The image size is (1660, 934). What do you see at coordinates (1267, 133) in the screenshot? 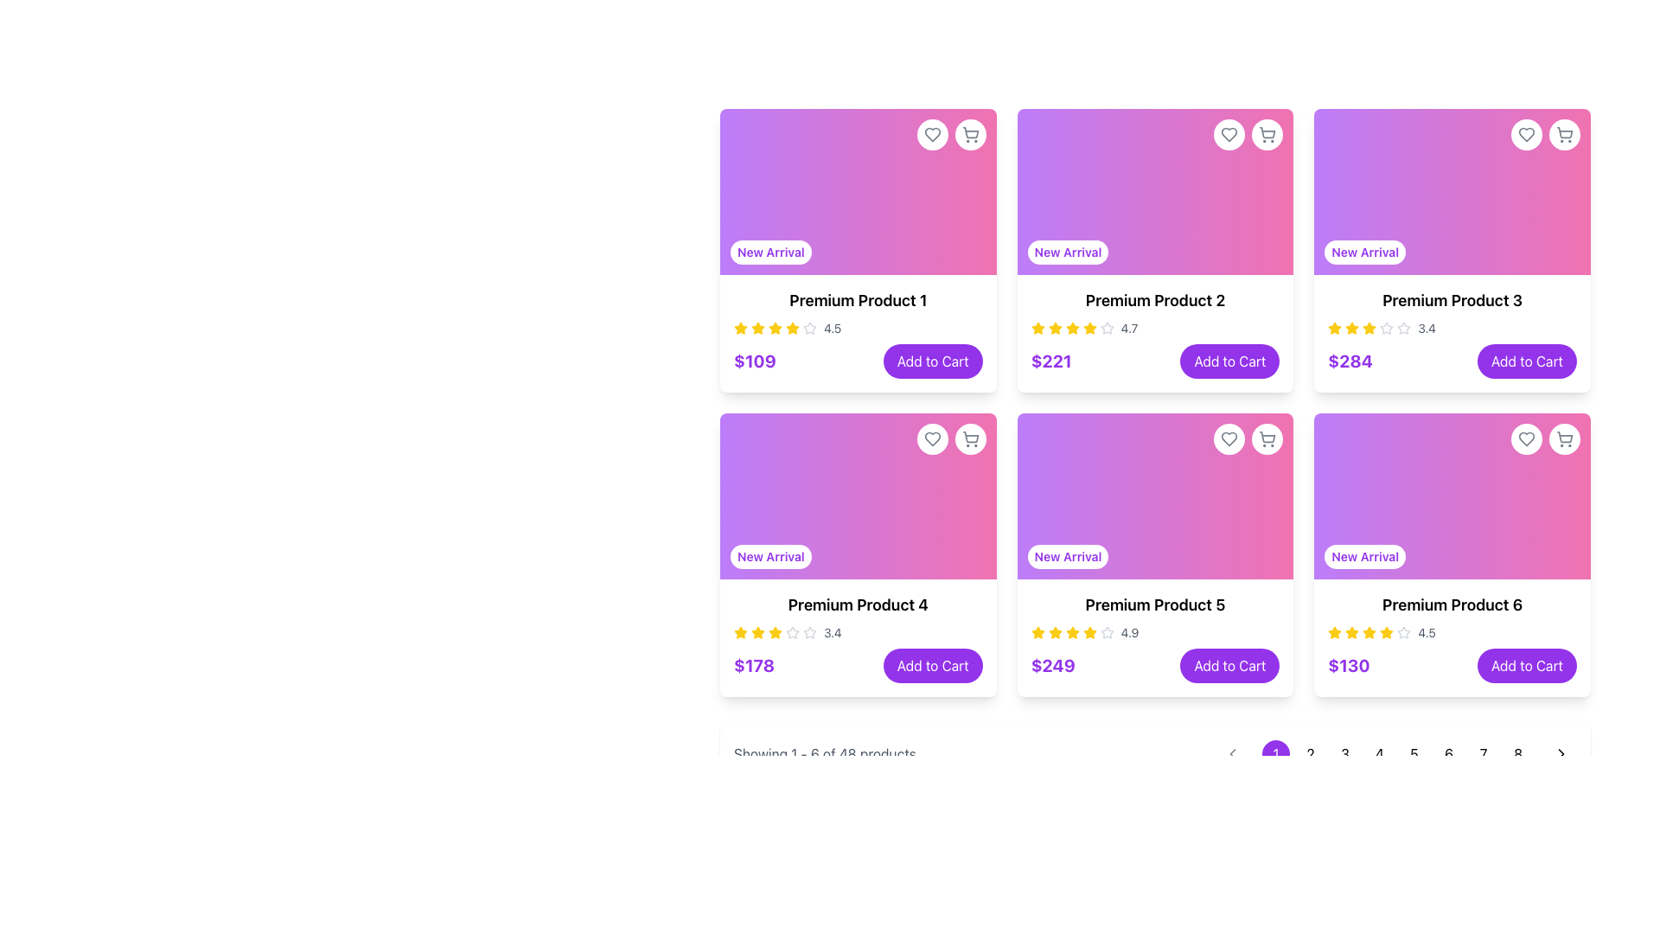
I see `the round button with a white background and a shopping cart icon located at the top-right corner of the 'Premium Product 2' card` at bounding box center [1267, 133].